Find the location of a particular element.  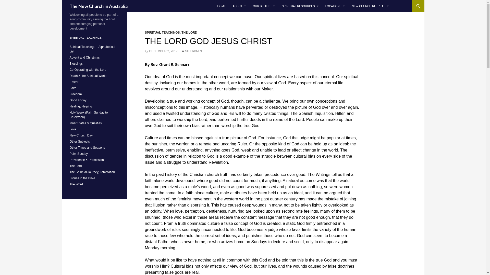

'Freedom' is located at coordinates (75, 94).